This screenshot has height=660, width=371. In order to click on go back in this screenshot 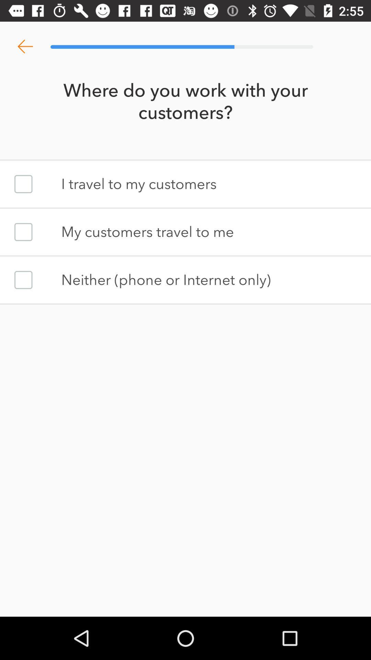, I will do `click(25, 46)`.